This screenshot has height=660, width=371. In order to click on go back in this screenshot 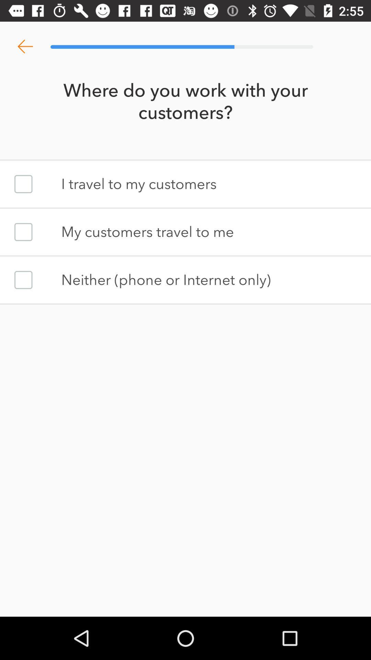, I will do `click(25, 46)`.